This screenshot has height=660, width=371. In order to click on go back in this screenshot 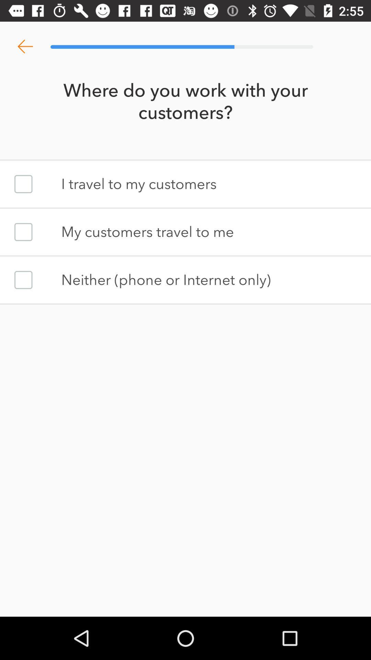, I will do `click(25, 46)`.